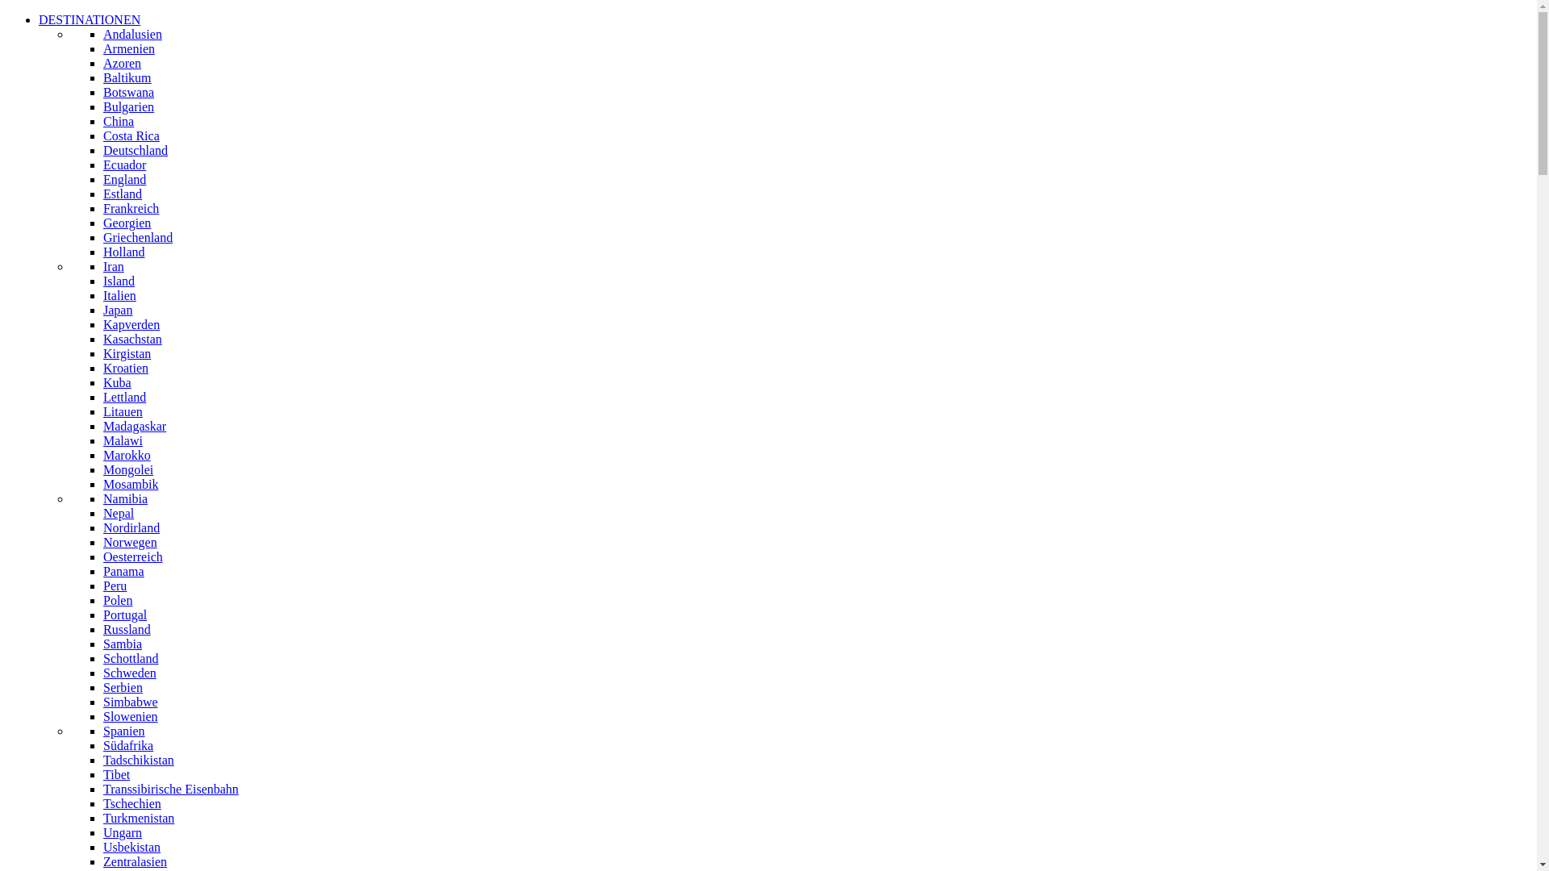  What do you see at coordinates (102, 165) in the screenshot?
I see `'Ecuador'` at bounding box center [102, 165].